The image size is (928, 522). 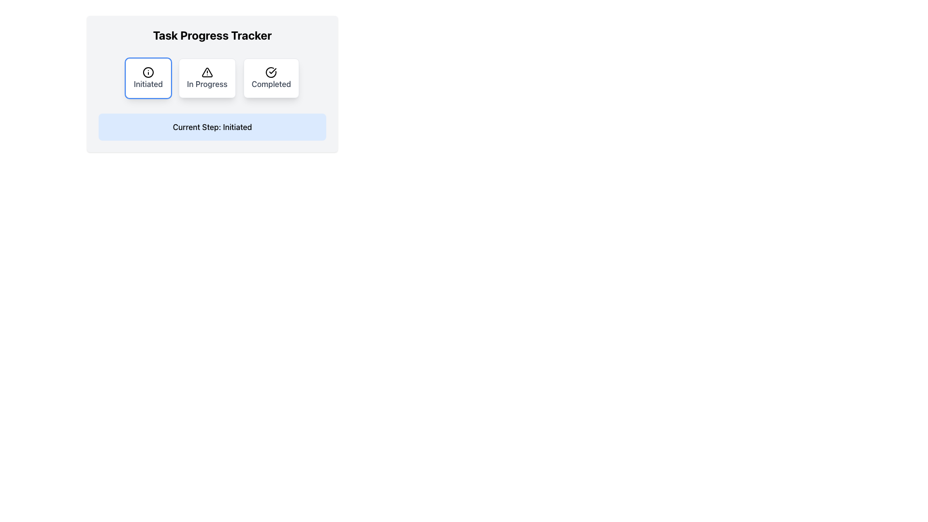 What do you see at coordinates (271, 72) in the screenshot?
I see `the circular icon with a checkmark inside, which is positioned to the right of three status indicators in the 'Task Progress Tracker' interface, directly above the text 'Completed'` at bounding box center [271, 72].